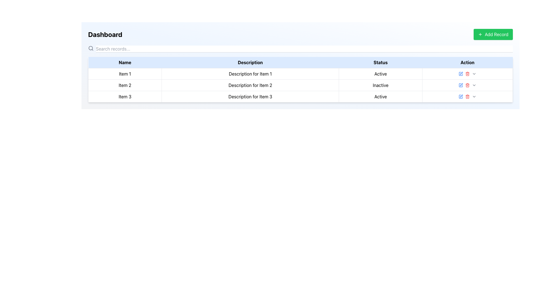 This screenshot has height=300, width=534. I want to click on the leftmost header of the table that indicates the column contains names of listed items, so click(125, 62).